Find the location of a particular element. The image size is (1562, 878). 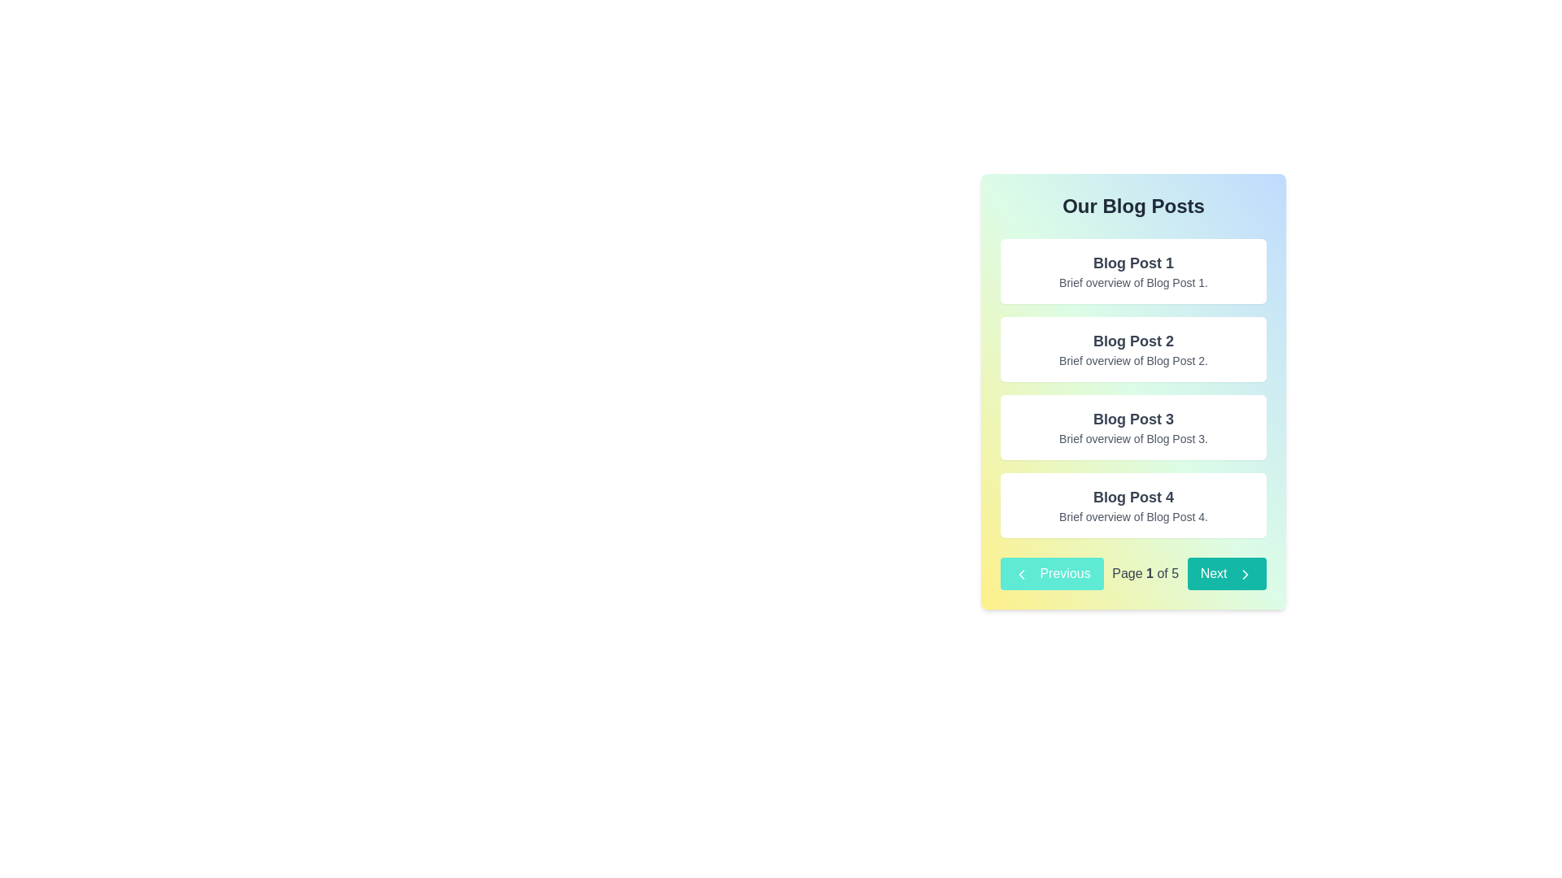

the text snippet reading 'Brief overview of Blog Post 1.' located directly below the bold title 'Blog Post 1' in the first blog post entry is located at coordinates (1132, 281).